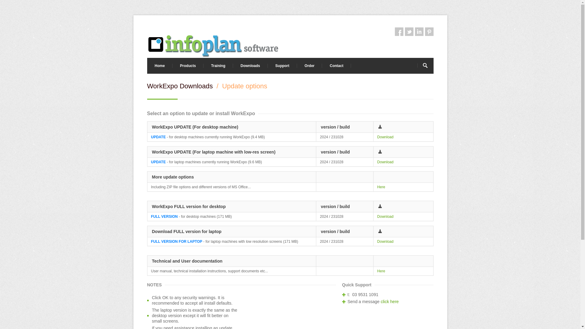 This screenshot has height=329, width=585. Describe the element at coordinates (385, 241) in the screenshot. I see `'Download'` at that location.